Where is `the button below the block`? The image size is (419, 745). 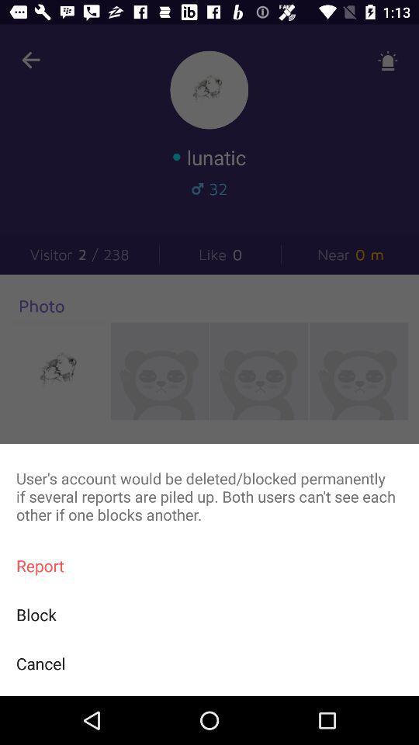 the button below the block is located at coordinates (209, 662).